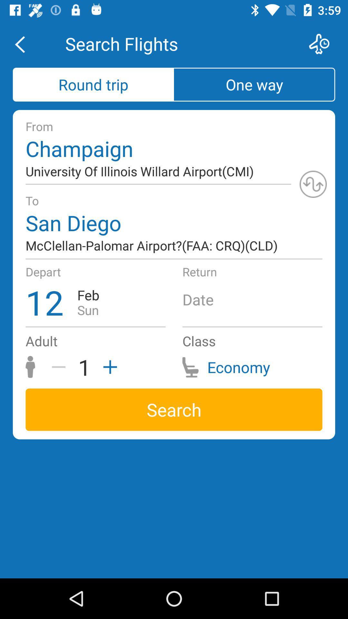  I want to click on the minus icon, so click(61, 367).